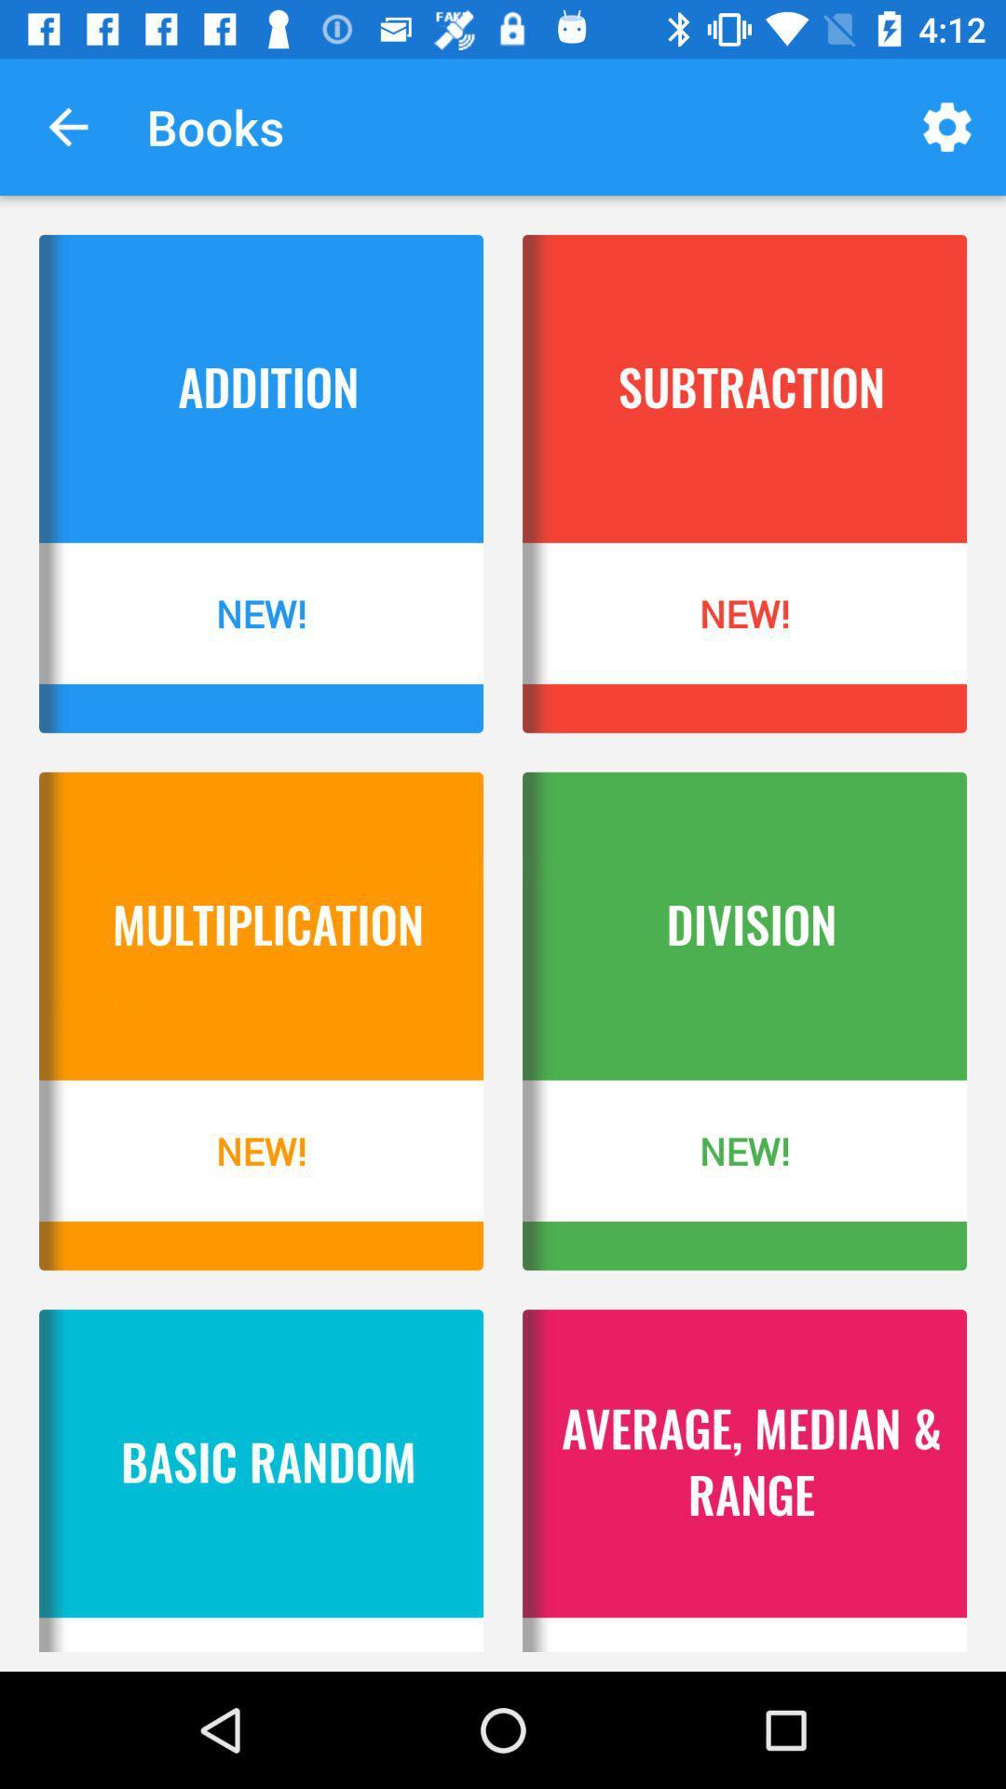 The width and height of the screenshot is (1006, 1789). What do you see at coordinates (947, 126) in the screenshot?
I see `the app to the right of the books icon` at bounding box center [947, 126].